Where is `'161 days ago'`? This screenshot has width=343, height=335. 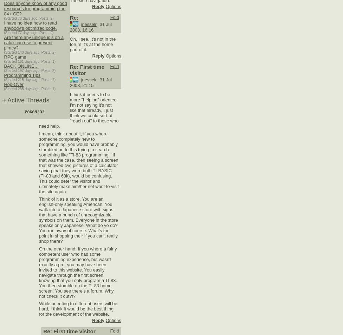 '161 days ago' is located at coordinates (28, 61).